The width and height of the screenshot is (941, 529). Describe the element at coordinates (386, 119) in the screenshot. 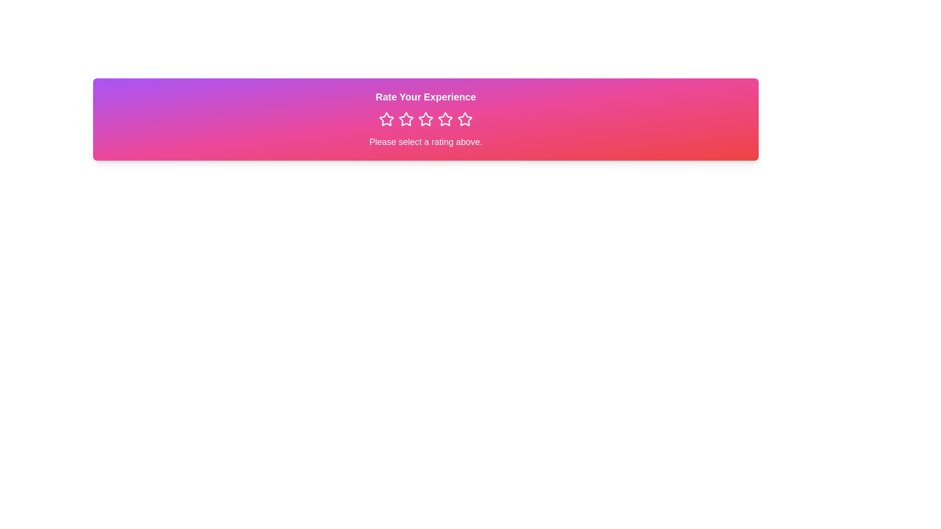

I see `the first star-shaped rating icon with a hollow center, highlighted in yellow` at that location.